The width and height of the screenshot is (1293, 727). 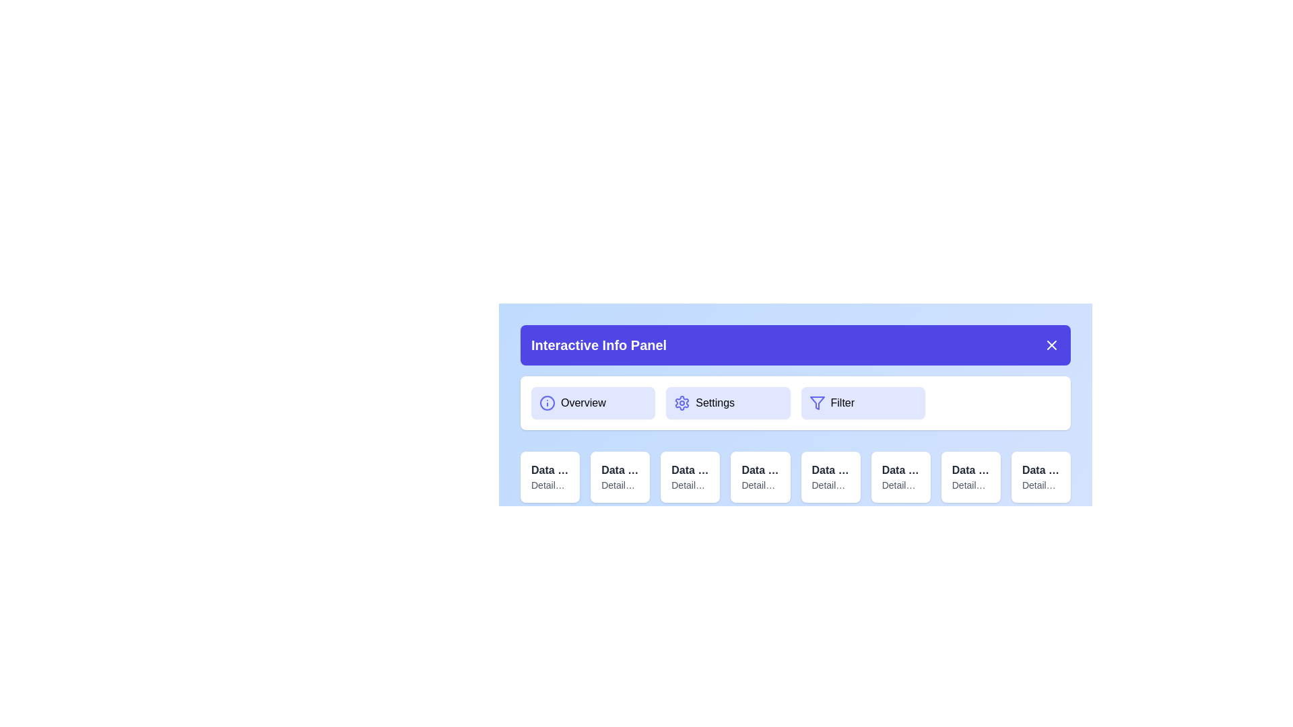 I want to click on the Overview button in the navigation panel, so click(x=593, y=402).